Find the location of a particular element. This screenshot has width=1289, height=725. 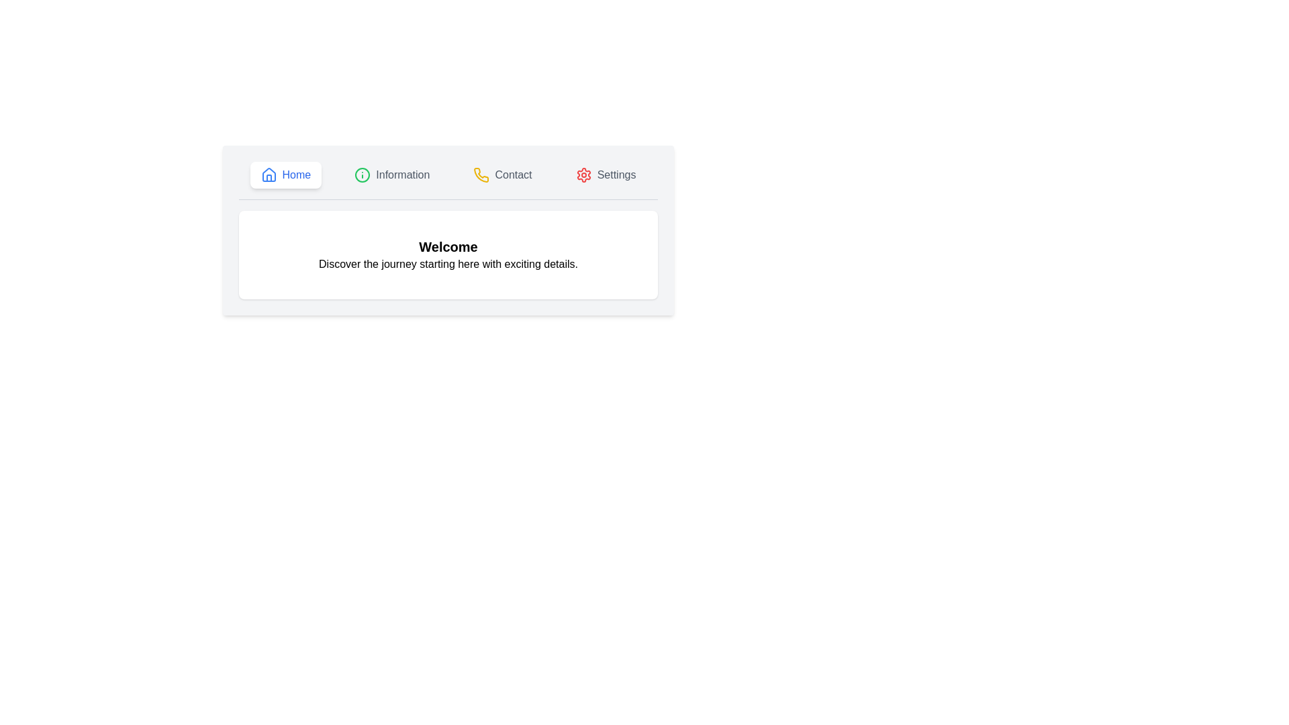

the blue house-shaped icon is located at coordinates (269, 175).